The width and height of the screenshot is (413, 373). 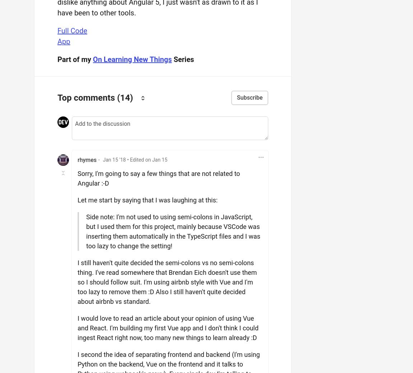 What do you see at coordinates (173, 231) in the screenshot?
I see `'Side note: I'm not used to using semi-colons in JavaScript, but I used them for this project, mainly because VSCode was inserting them automatically in the TypeScript files and I was too lazy to change the setting!'` at bounding box center [173, 231].